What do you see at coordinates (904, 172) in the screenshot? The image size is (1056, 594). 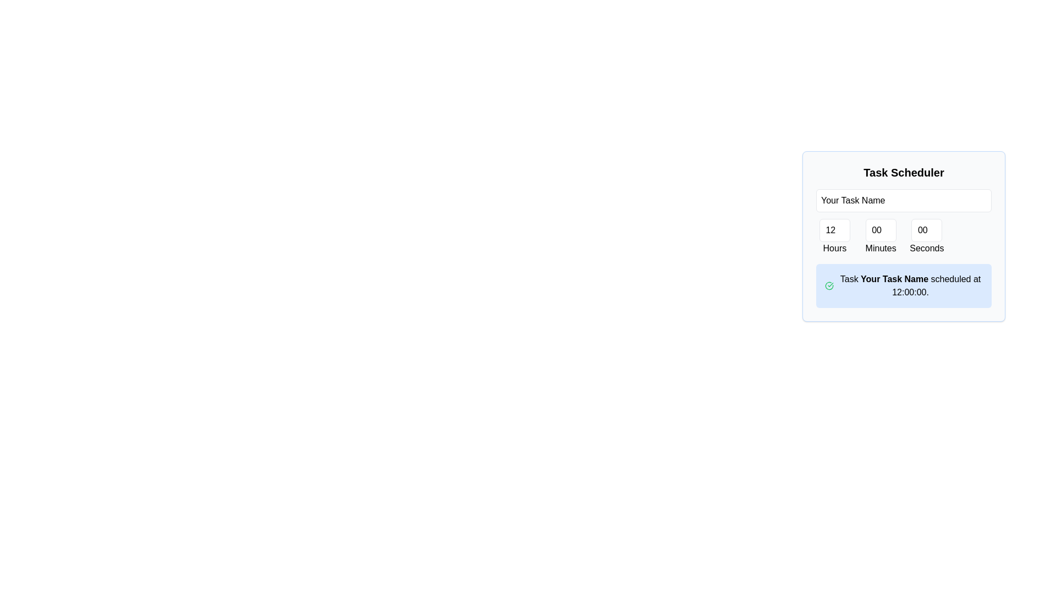 I see `the header text element displaying 'Task Scheduler', which is bold, centered, and large, positioned at the top of the form section above the input box labeled 'Your Task Name'` at bounding box center [904, 172].